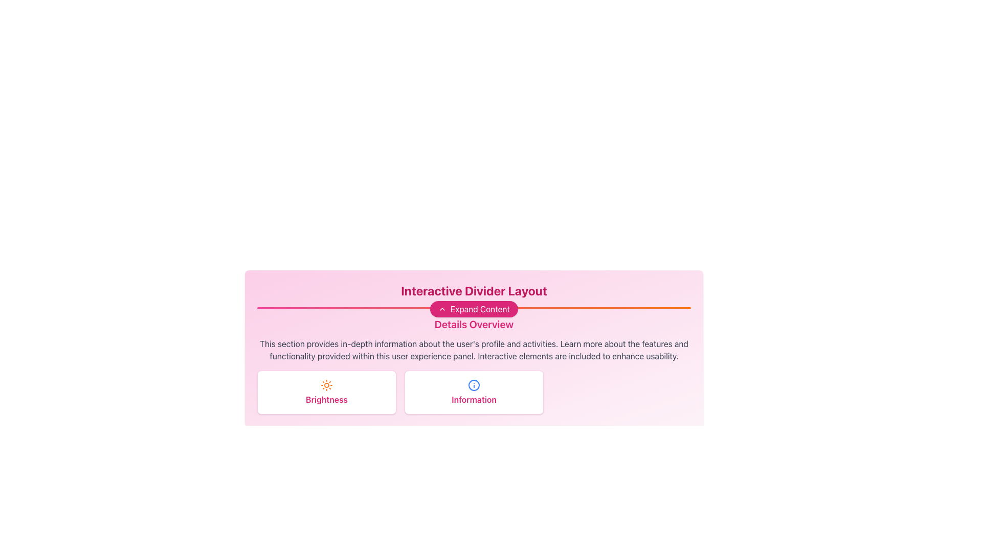 The height and width of the screenshot is (552, 982). I want to click on the buttons or icons associated with the Informational Card located below the 'Details Overview' section, which is the second card from the left in a horizontal grid, so click(473, 392).